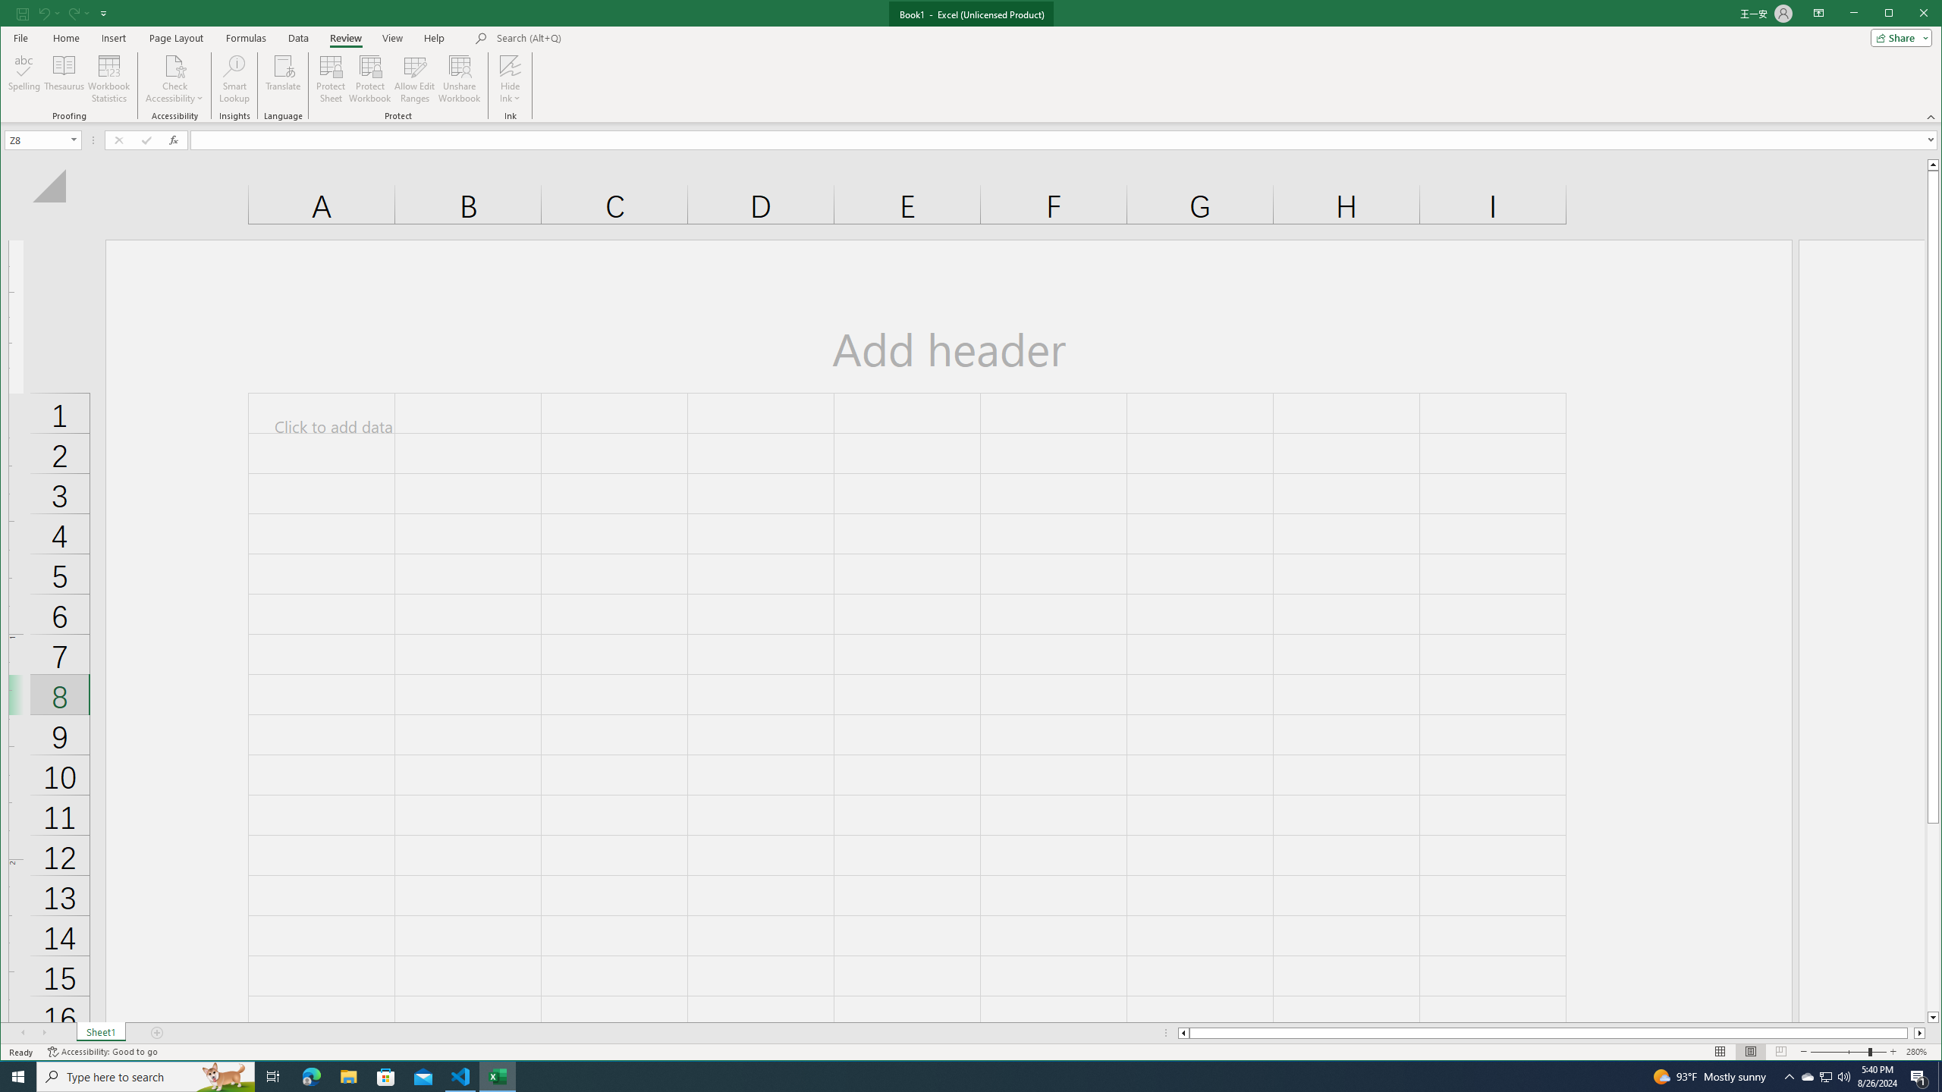  Describe the element at coordinates (347, 1075) in the screenshot. I see `'File Explorer'` at that location.